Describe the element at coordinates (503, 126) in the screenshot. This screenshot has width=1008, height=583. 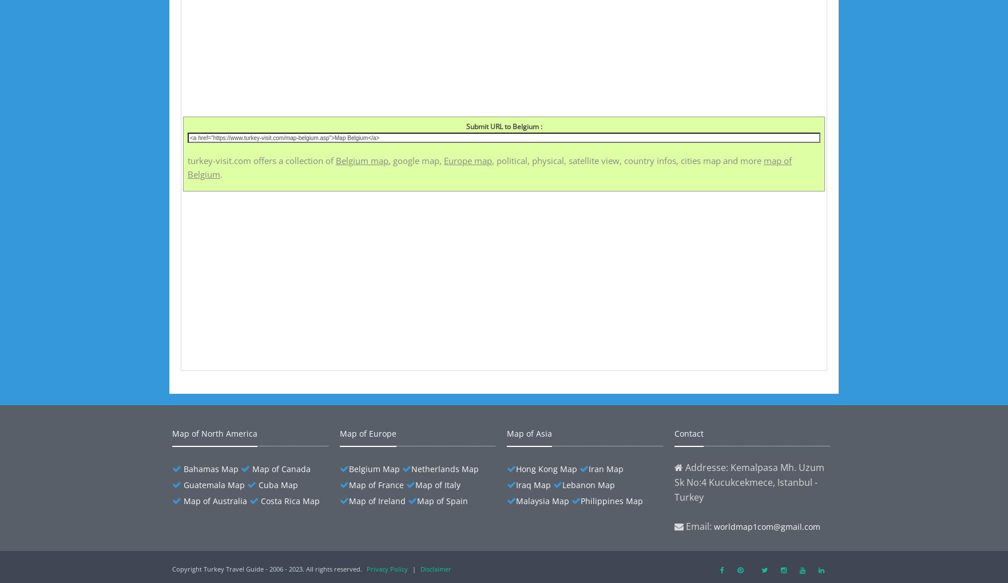
I see `'Submit URL to Belgium :'` at that location.